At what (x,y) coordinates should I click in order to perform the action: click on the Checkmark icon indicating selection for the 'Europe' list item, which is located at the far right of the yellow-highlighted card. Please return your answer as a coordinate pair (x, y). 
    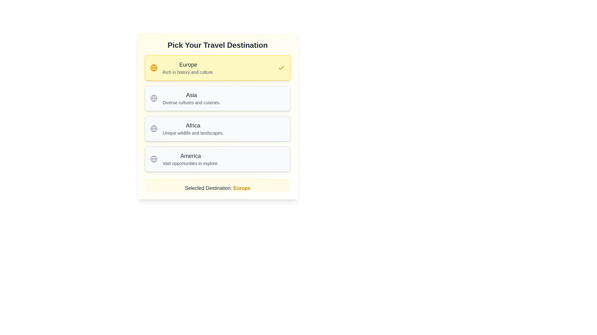
    Looking at the image, I should click on (281, 68).